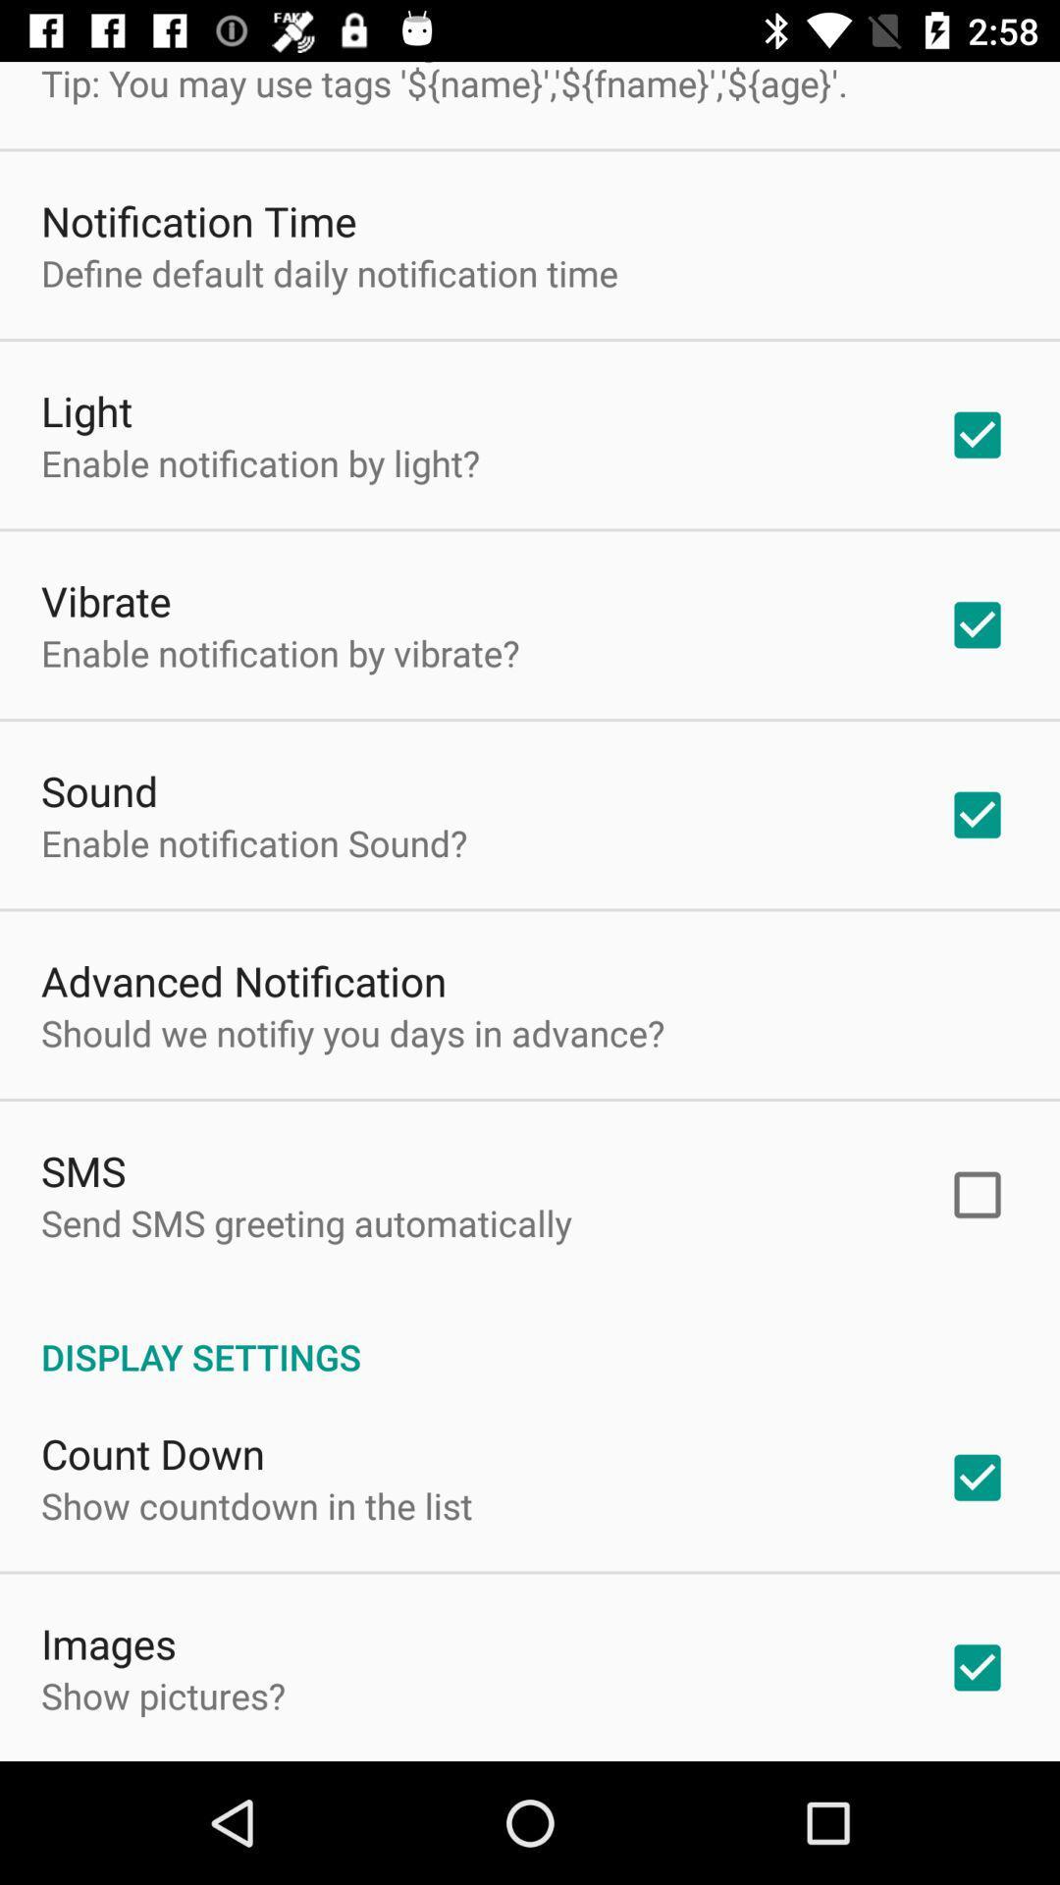  I want to click on count down, so click(151, 1453).